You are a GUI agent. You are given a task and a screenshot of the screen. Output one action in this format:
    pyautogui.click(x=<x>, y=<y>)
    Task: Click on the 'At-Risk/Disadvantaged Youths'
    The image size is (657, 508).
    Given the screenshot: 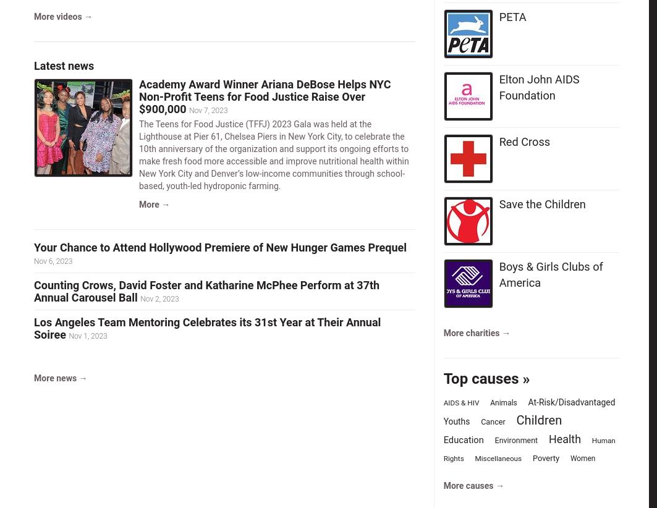 What is the action you would take?
    pyautogui.click(x=528, y=410)
    